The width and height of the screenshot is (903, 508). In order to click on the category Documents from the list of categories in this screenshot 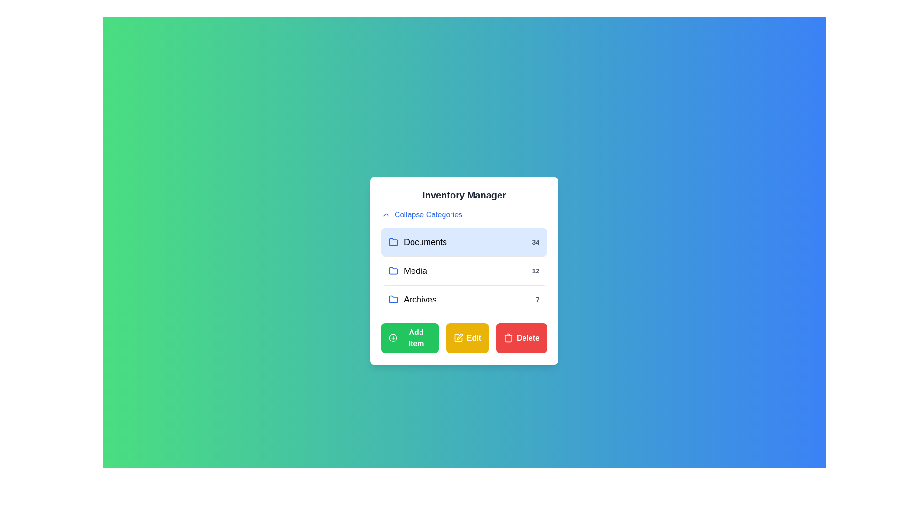, I will do `click(464, 242)`.